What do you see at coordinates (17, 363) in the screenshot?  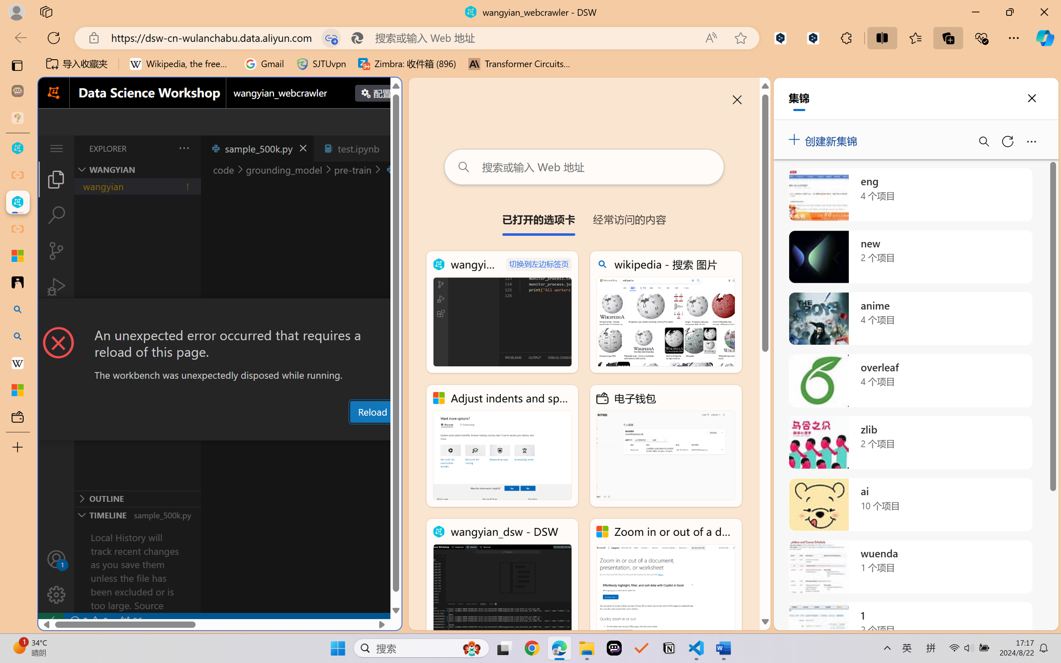 I see `'Earth - Wikipedia'` at bounding box center [17, 363].